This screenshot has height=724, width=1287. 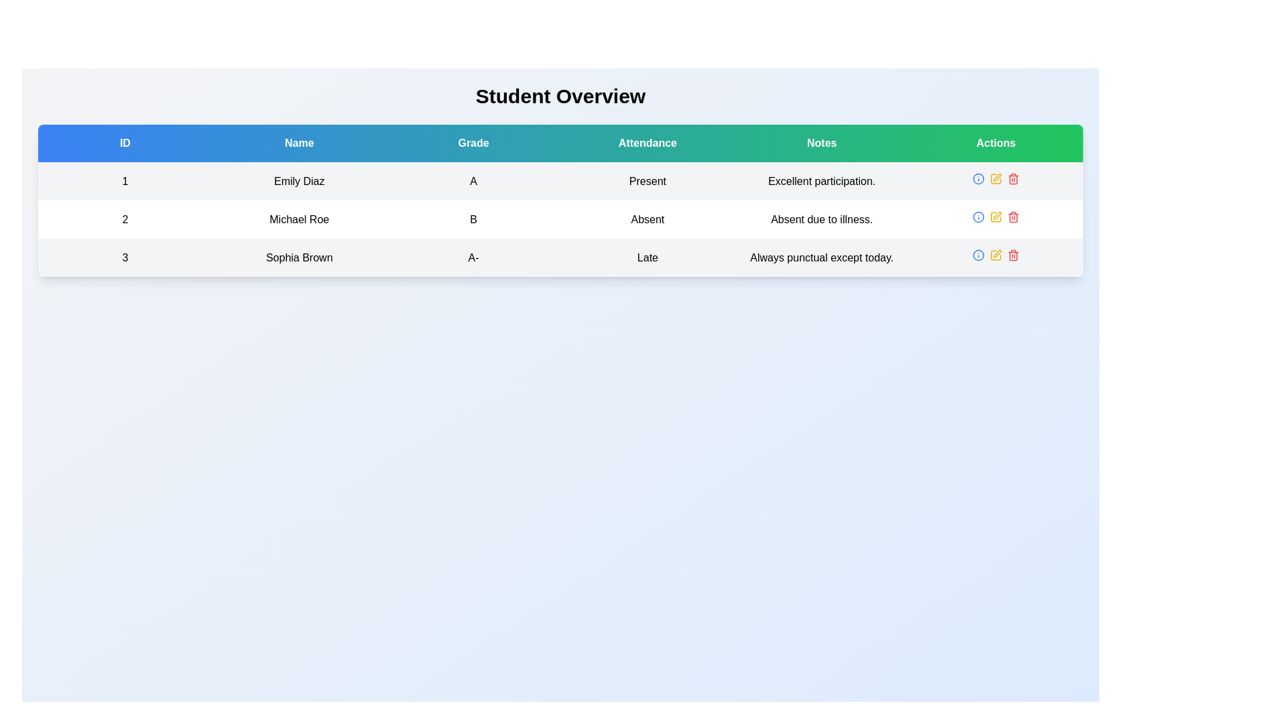 I want to click on the first interactive icon in the 'Actions' column of the third row in the table to observe hover effects, so click(x=978, y=255).